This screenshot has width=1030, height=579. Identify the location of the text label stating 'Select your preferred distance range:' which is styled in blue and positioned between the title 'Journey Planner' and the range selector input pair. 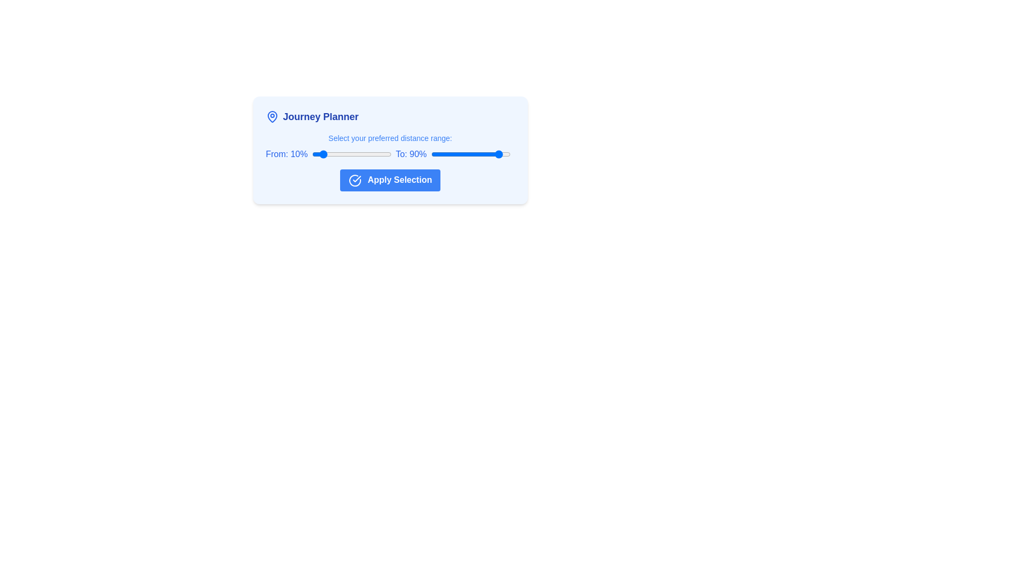
(389, 138).